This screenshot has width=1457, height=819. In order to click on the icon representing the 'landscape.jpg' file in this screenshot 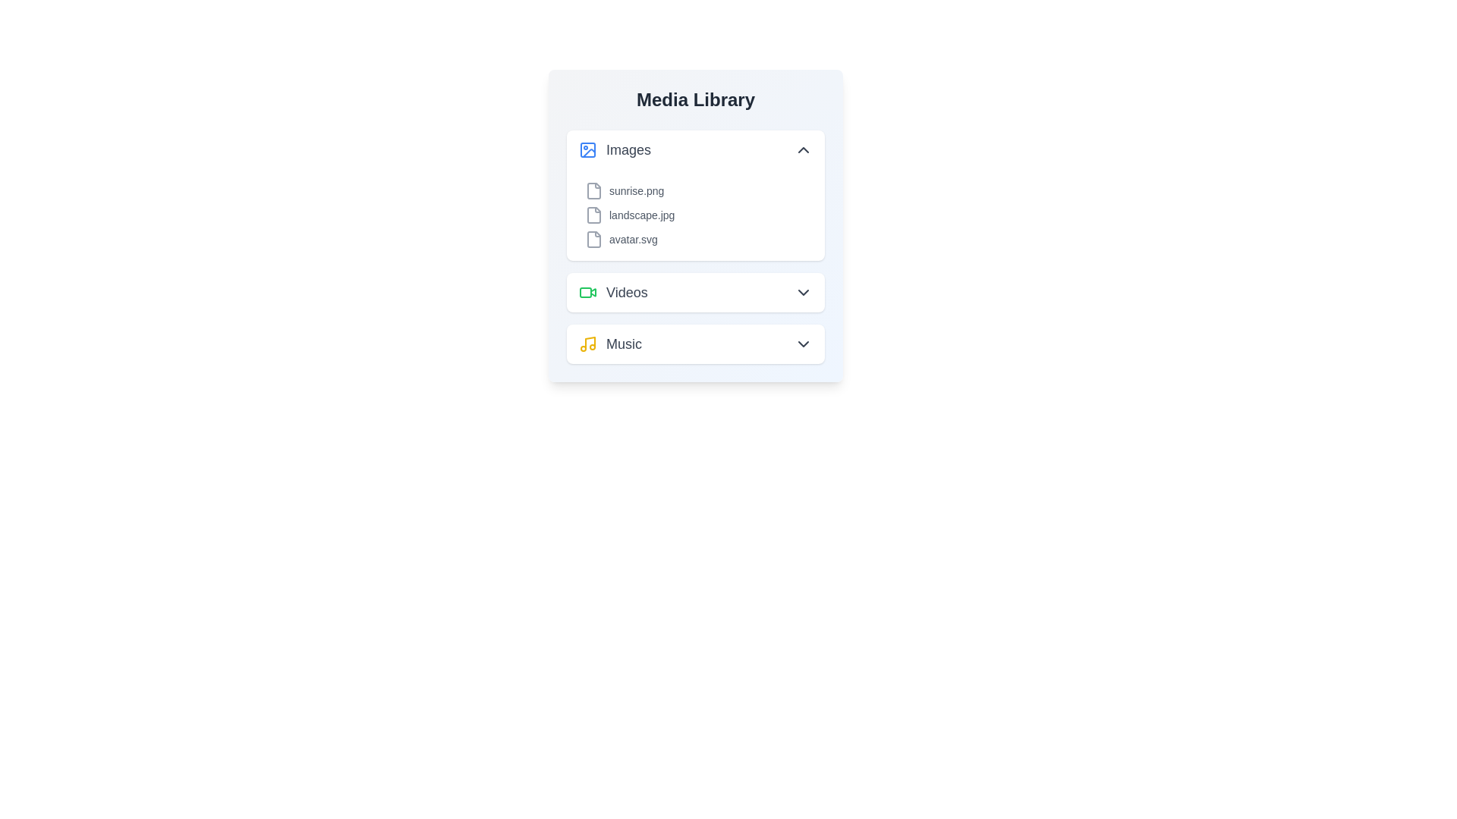, I will do `click(593, 215)`.